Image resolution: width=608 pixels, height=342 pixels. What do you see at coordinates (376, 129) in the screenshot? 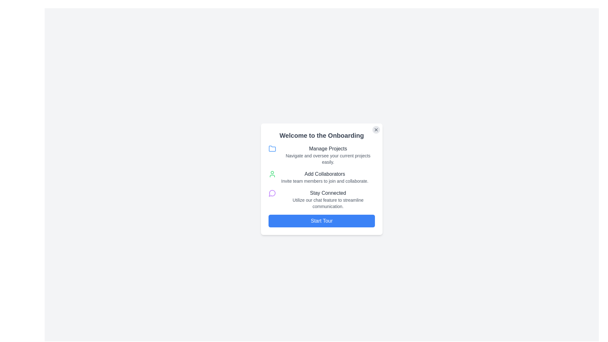
I see `the Close button located at the top-right corner of the onboarding modal` at bounding box center [376, 129].